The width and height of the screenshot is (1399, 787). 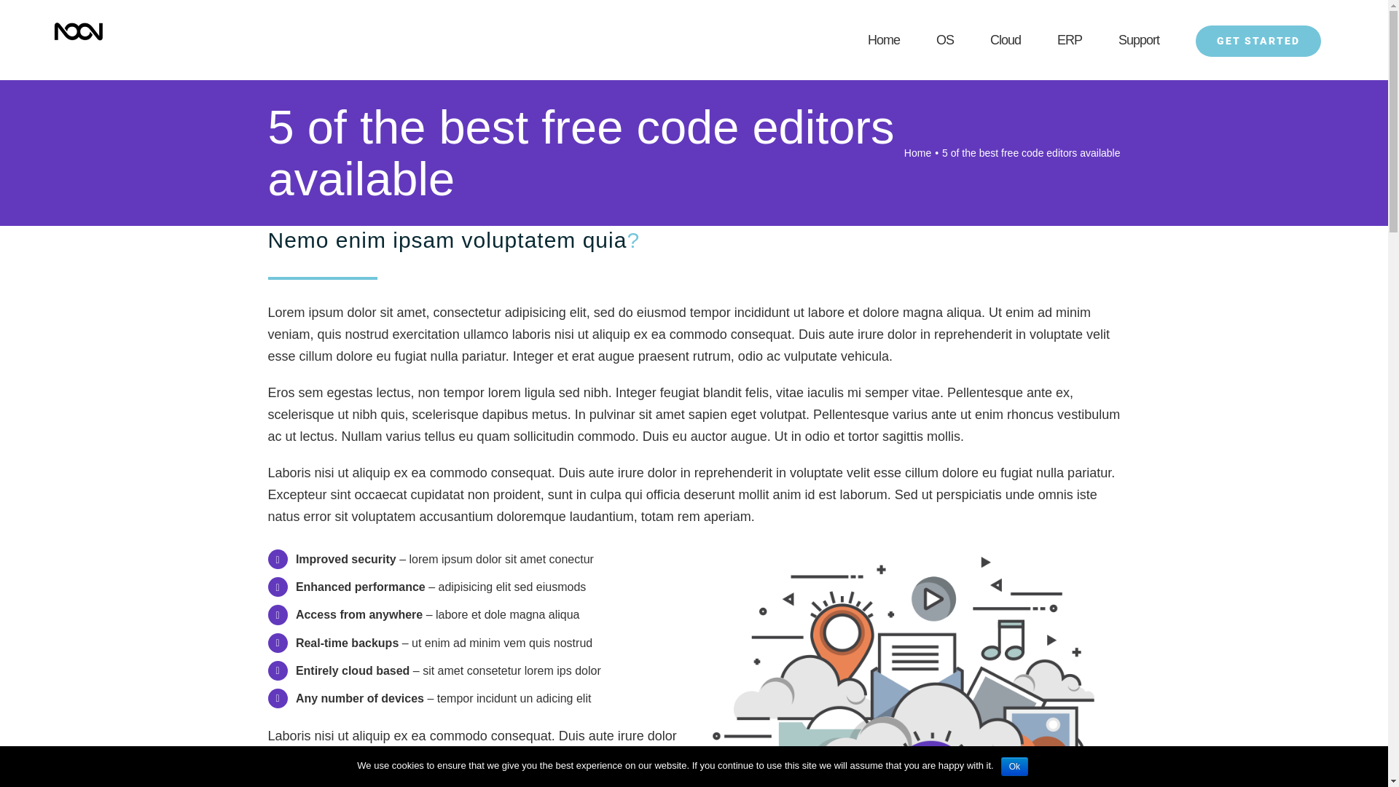 What do you see at coordinates (1005, 39) in the screenshot?
I see `'Cloud'` at bounding box center [1005, 39].